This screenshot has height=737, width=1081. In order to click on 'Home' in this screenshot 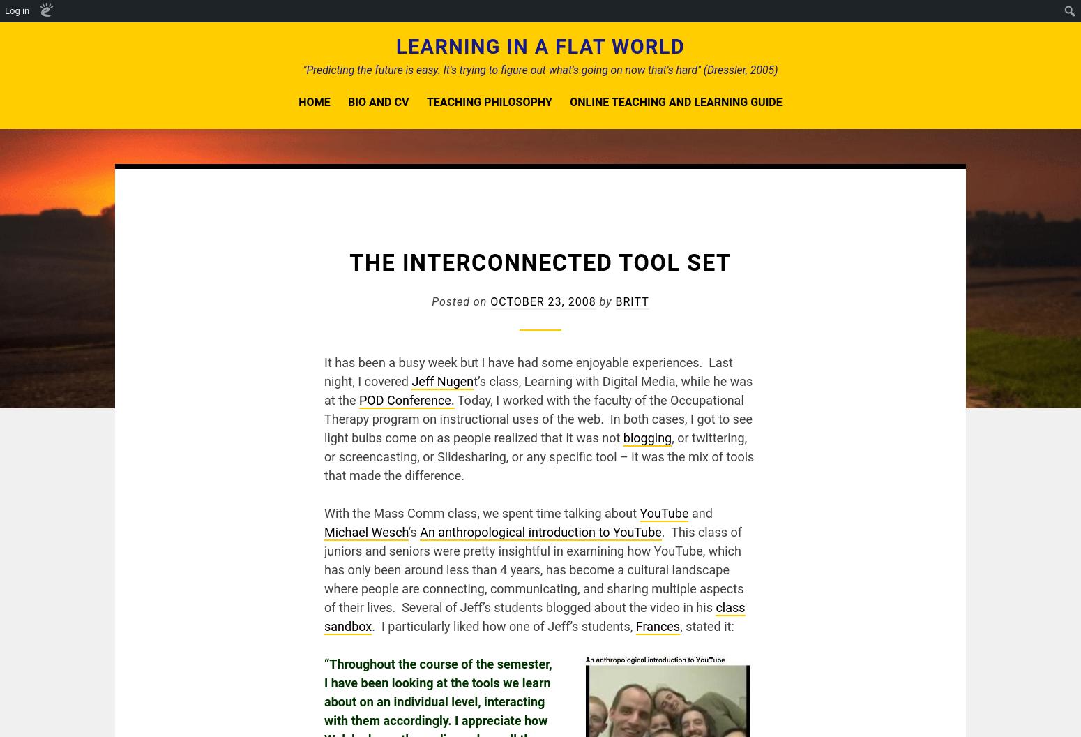, I will do `click(314, 101)`.